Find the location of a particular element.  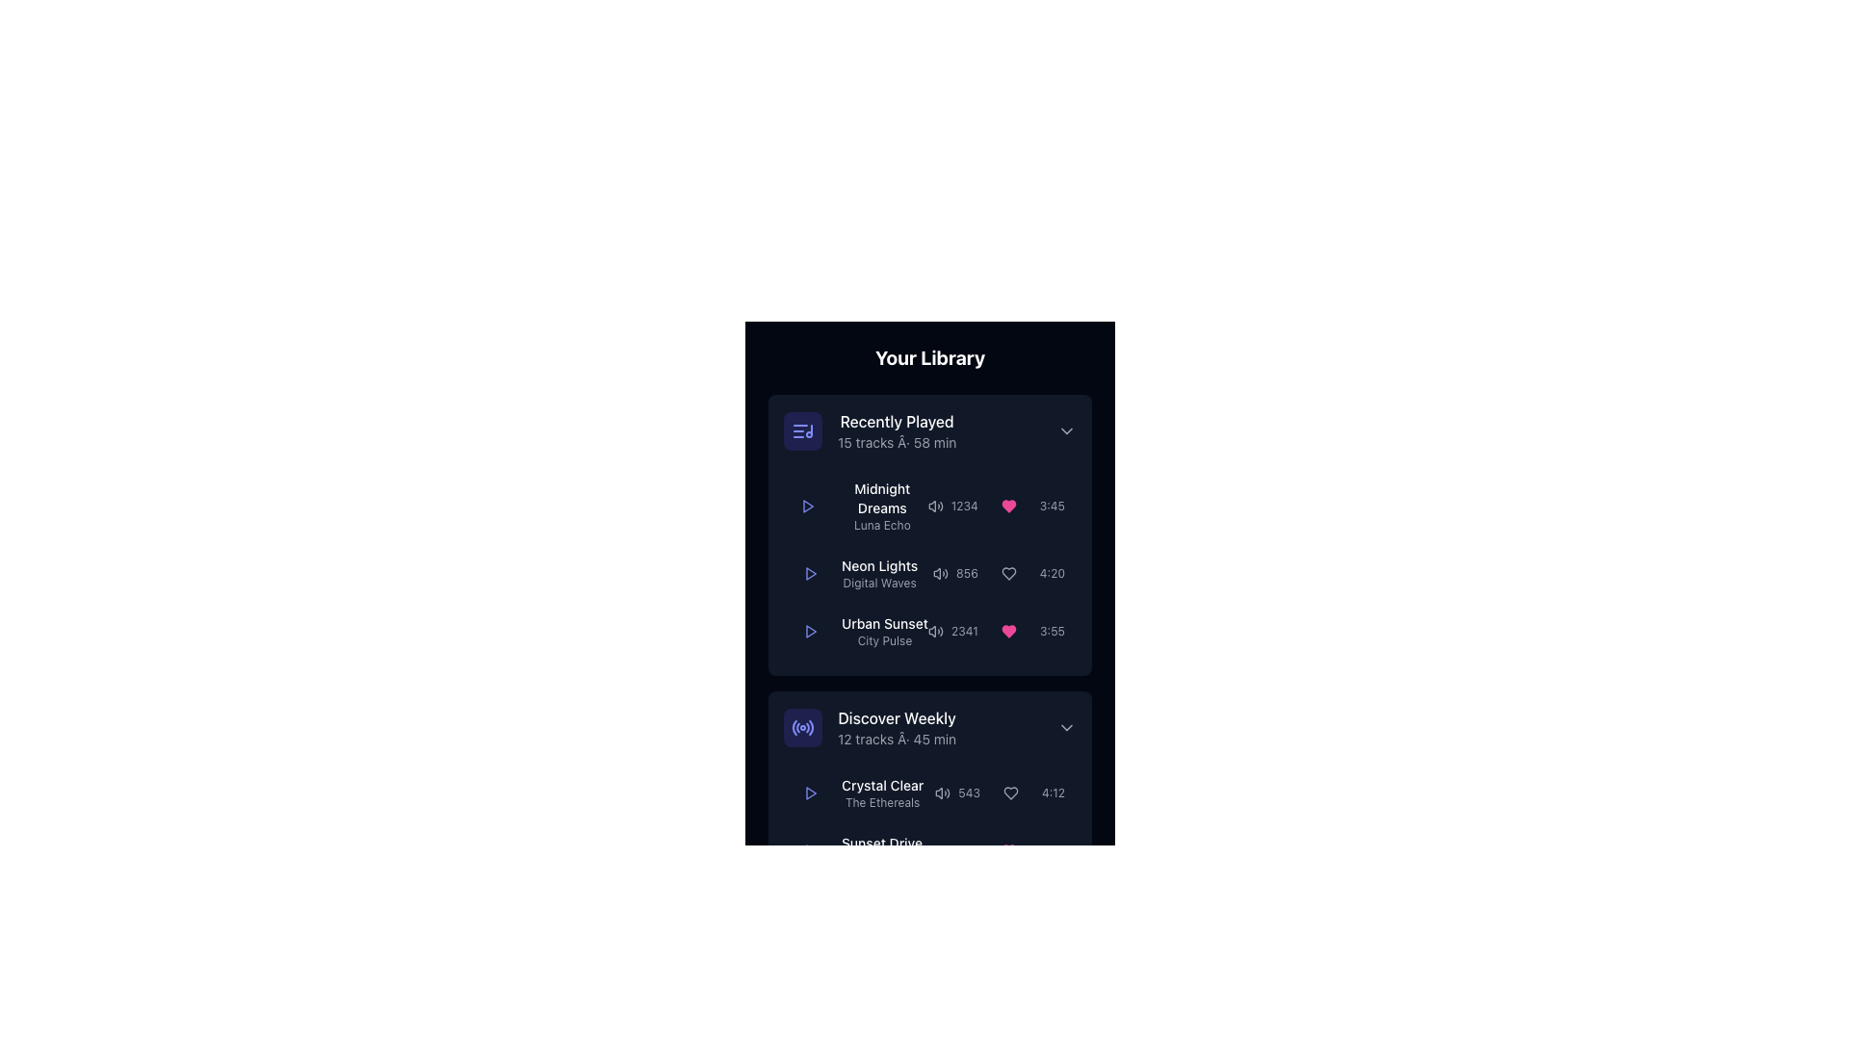

the Volume Icon located in the first row of the 'Recently Played' section, next to the numerical display '1234' and to the left of the heart-shaped icon is located at coordinates (935, 505).